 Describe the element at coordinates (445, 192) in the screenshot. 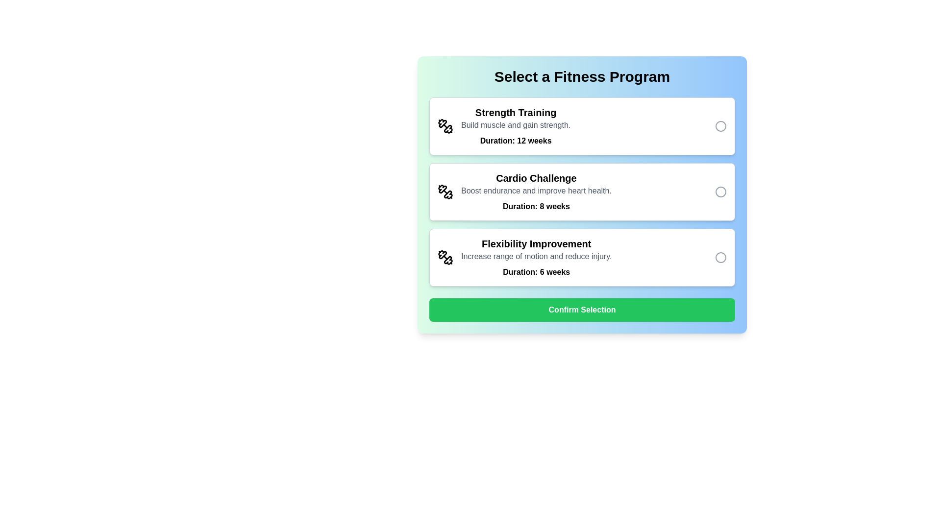

I see `the 'Cardio Challenge' icon located in the second row of fitness program options, positioned to the far left next to the textual content 'Cardio Challenge'` at that location.